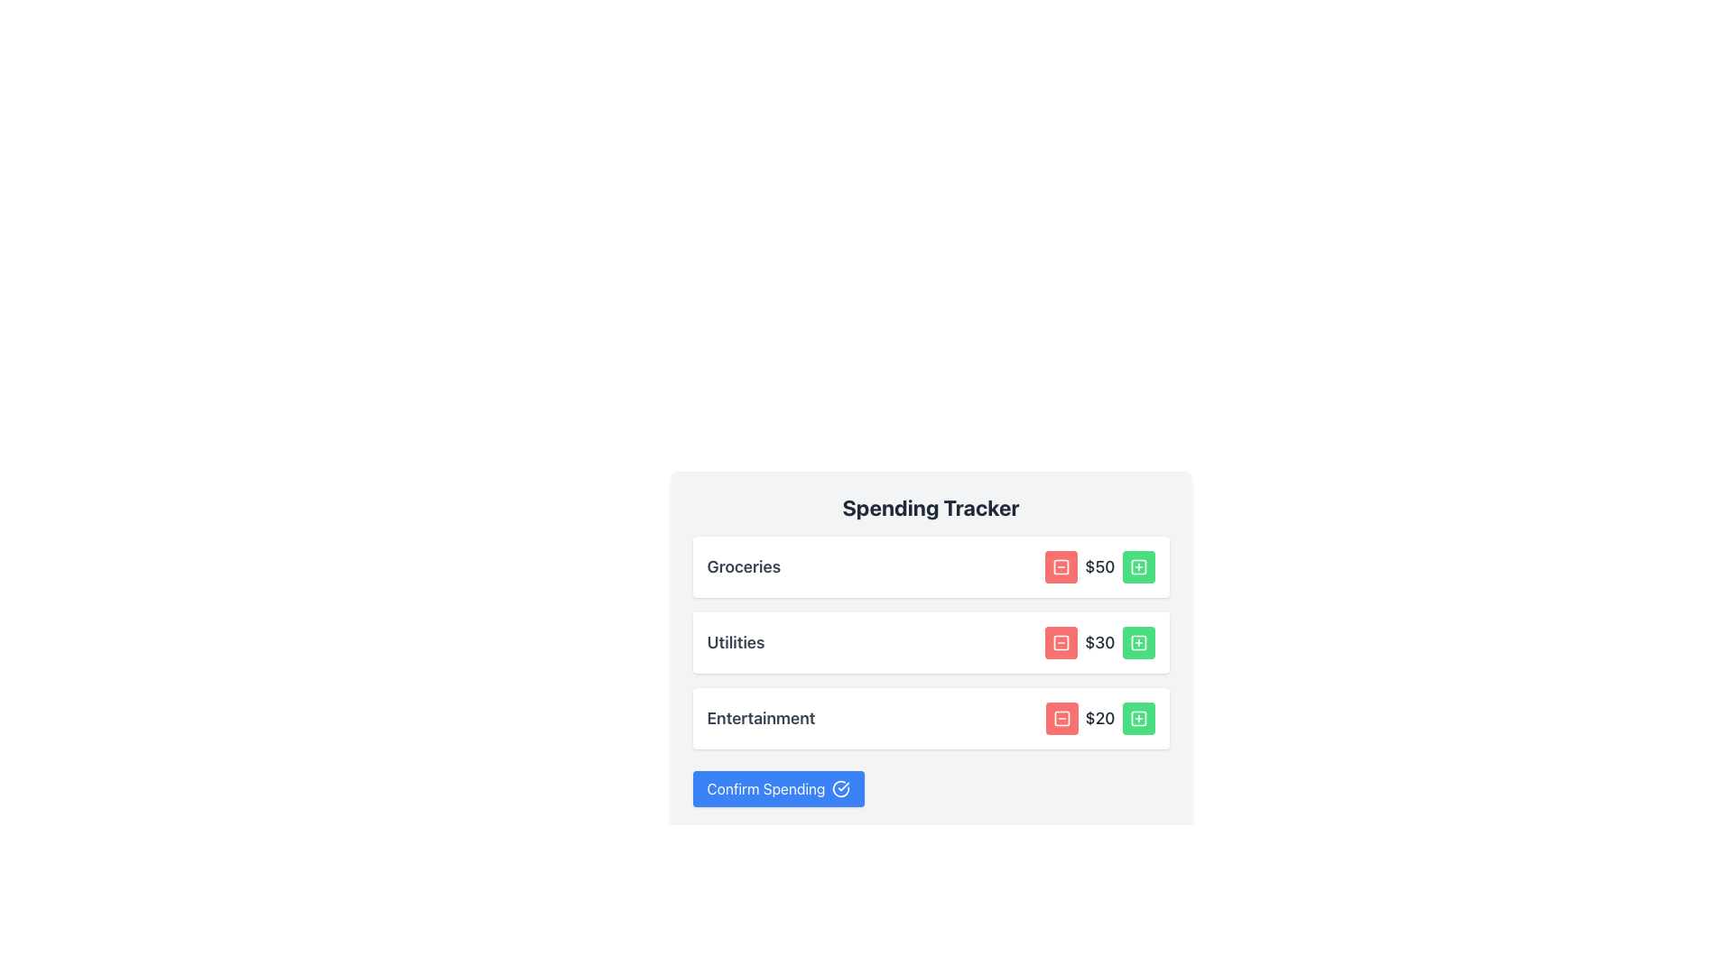 This screenshot has height=974, width=1733. I want to click on the icon in the 'Entertainment' row to decrease the expenditure value associated with entertainment, so click(1061, 718).